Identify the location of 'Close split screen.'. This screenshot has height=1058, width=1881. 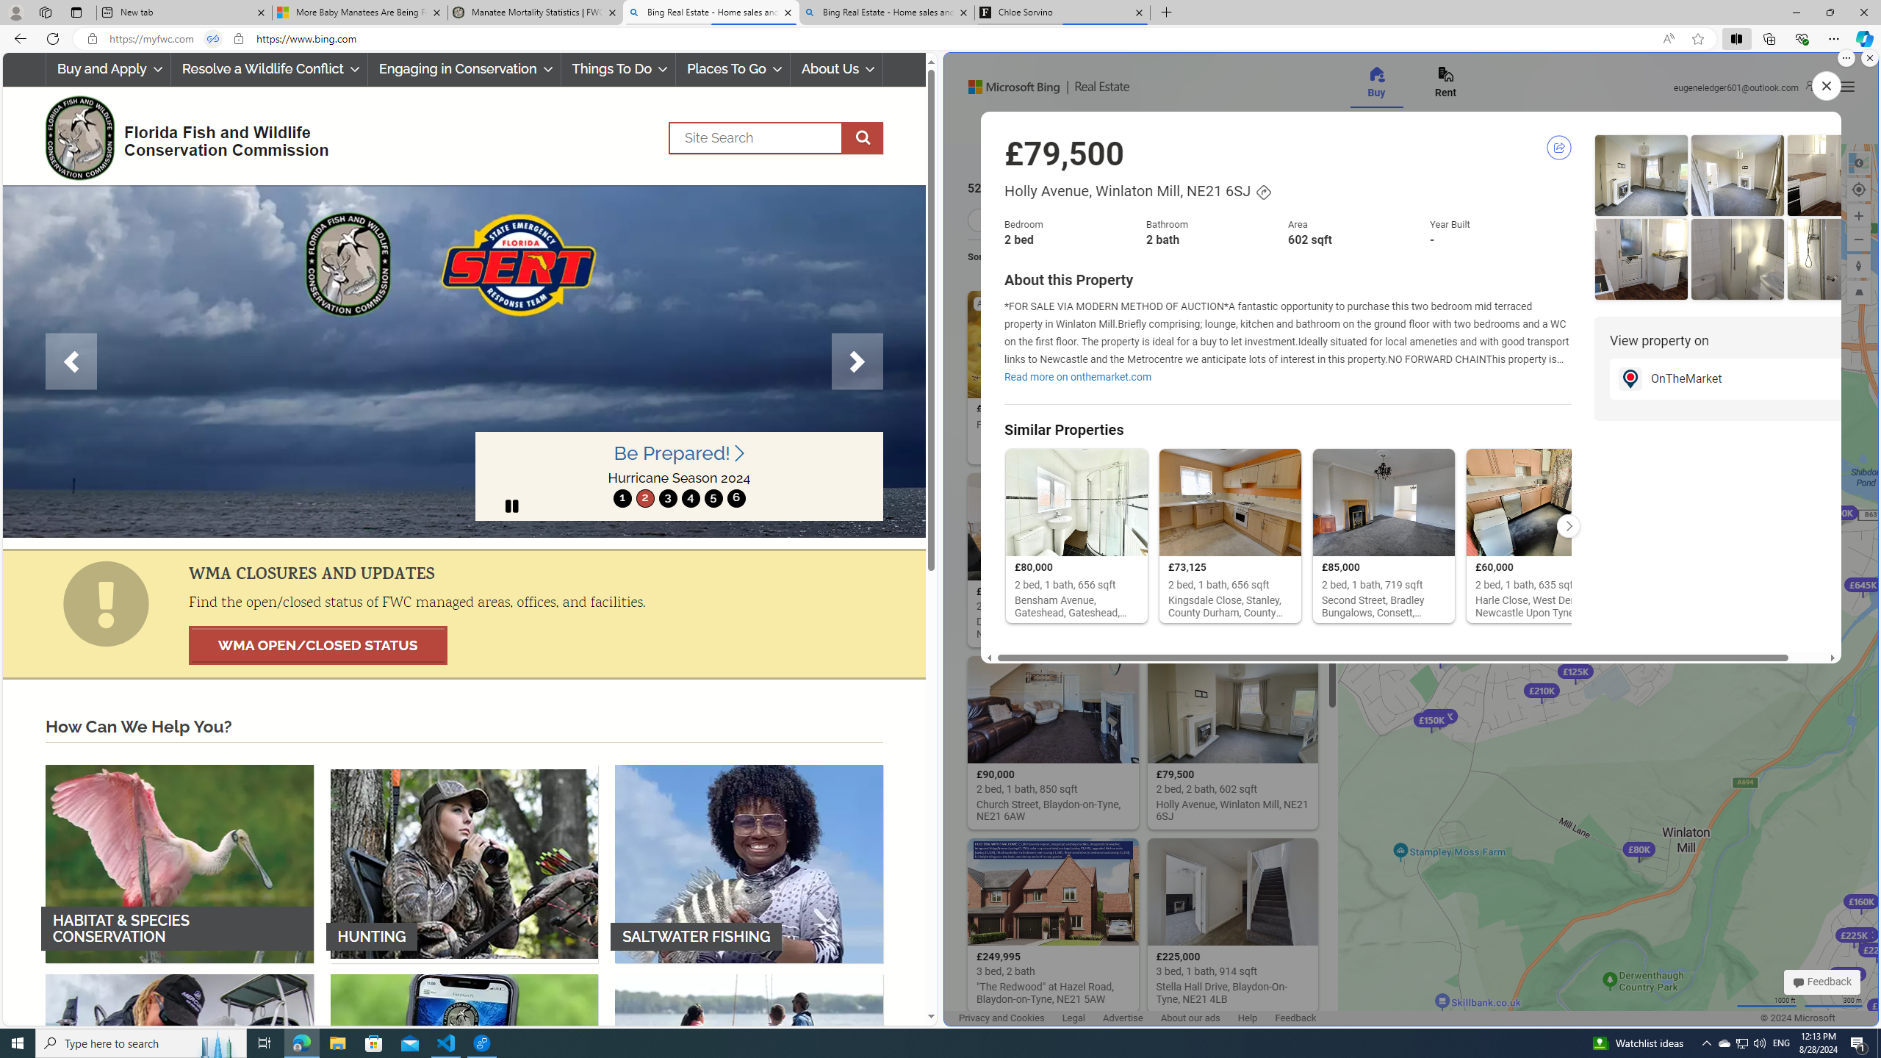
(1869, 57).